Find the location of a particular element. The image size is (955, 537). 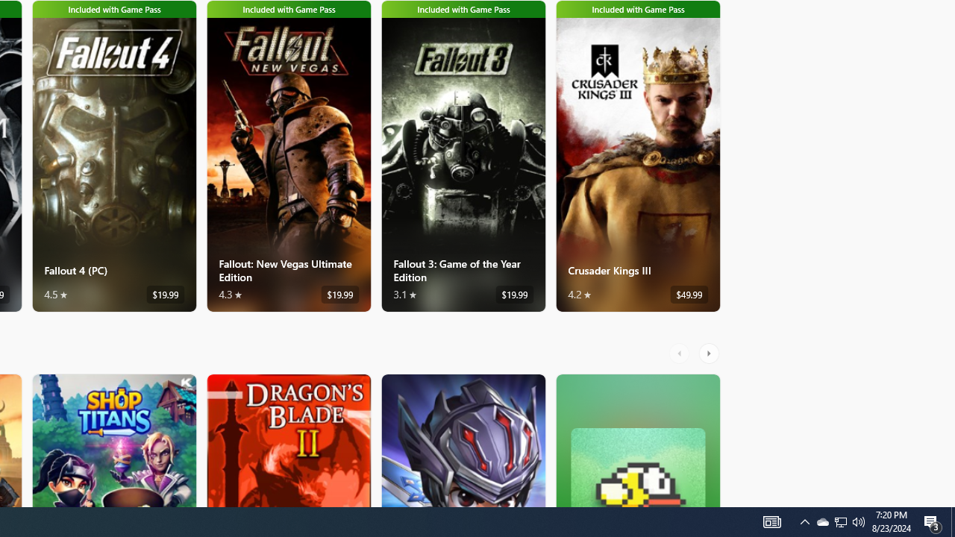

'Flappy Bird. Average rating of 3.3 out of five stars. Free  ' is located at coordinates (638, 439).